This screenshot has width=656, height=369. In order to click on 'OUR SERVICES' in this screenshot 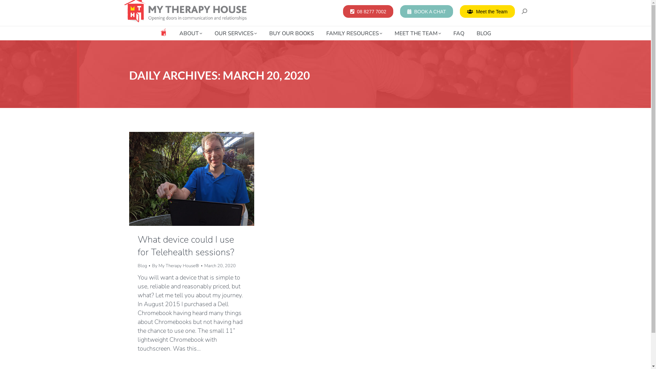, I will do `click(236, 33)`.